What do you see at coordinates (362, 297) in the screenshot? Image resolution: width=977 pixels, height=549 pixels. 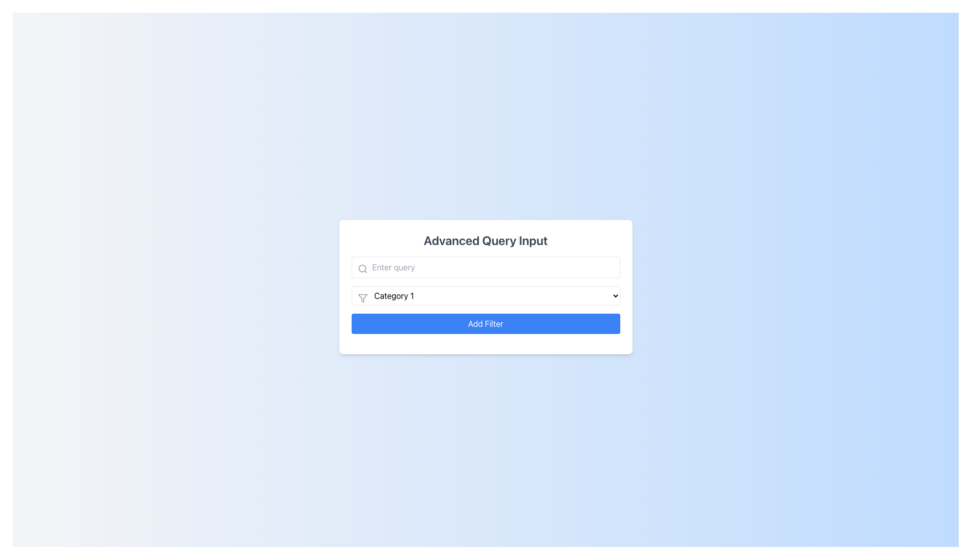 I see `the filter icon SVG element located in the dropdown input area, positioned slightly above the 'Add Filter' button` at bounding box center [362, 297].